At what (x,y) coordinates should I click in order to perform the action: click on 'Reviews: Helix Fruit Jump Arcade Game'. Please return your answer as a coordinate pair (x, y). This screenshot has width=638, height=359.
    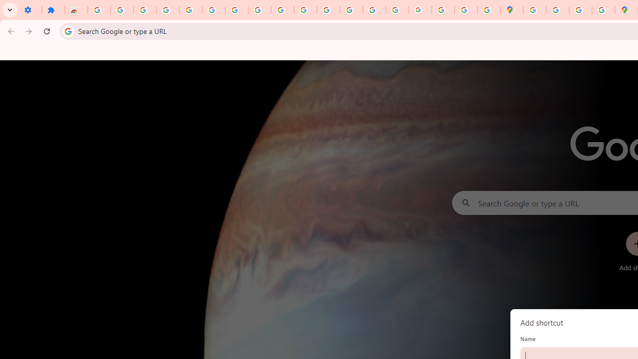
    Looking at the image, I should click on (76, 10).